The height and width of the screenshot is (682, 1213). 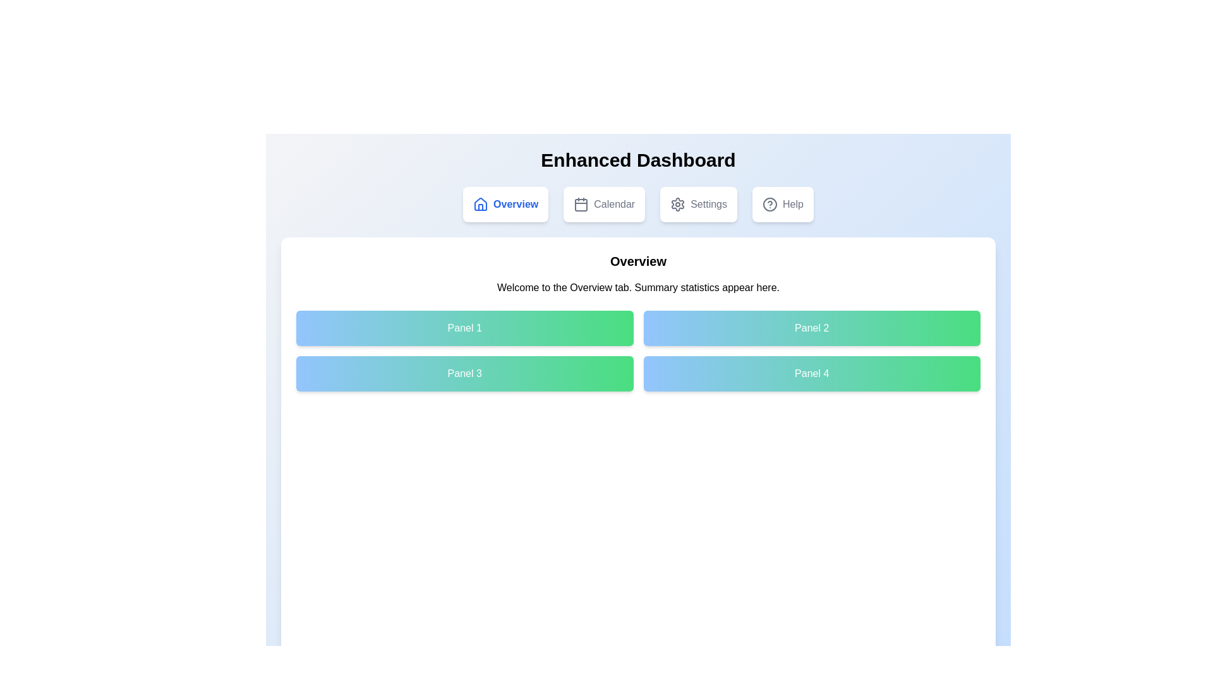 I want to click on the Help tab to explore its content, so click(x=782, y=204).